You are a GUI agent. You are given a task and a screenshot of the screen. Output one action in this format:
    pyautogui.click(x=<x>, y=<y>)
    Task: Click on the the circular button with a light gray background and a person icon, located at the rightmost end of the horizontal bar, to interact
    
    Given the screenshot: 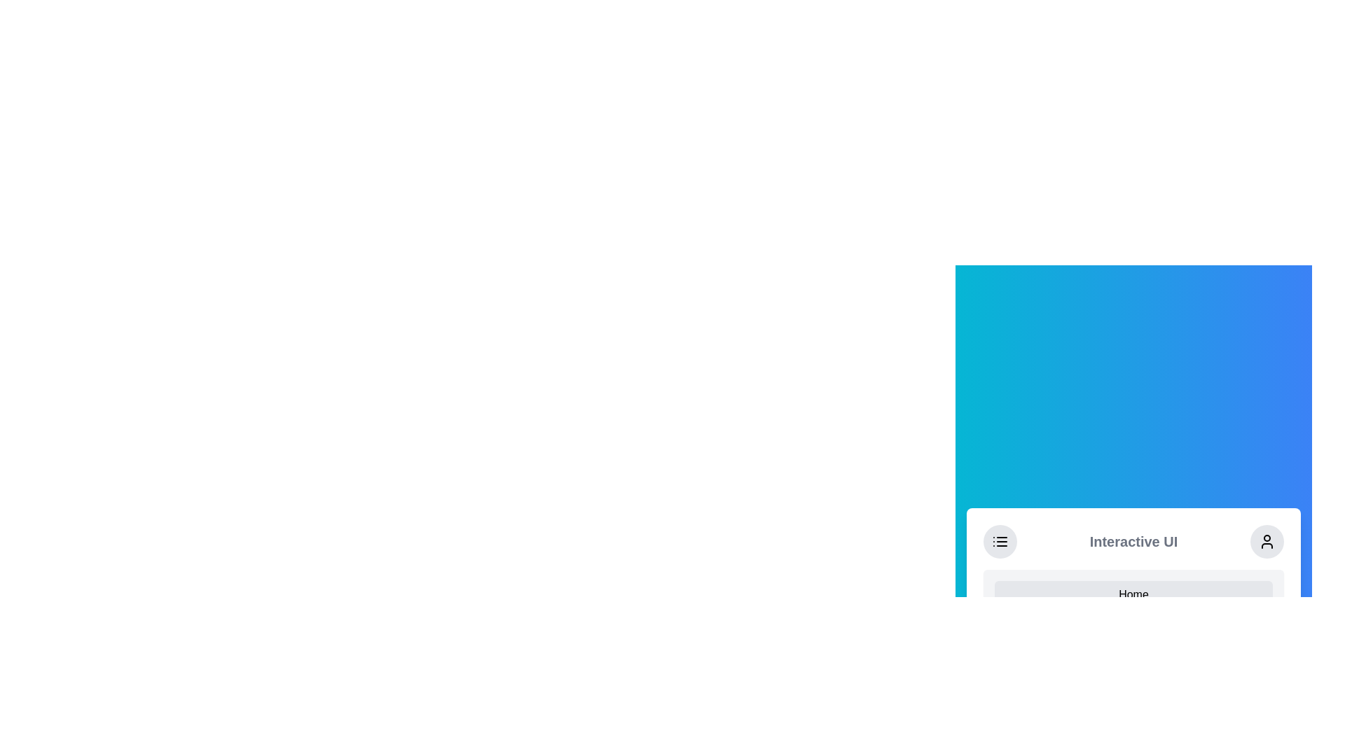 What is the action you would take?
    pyautogui.click(x=1267, y=541)
    